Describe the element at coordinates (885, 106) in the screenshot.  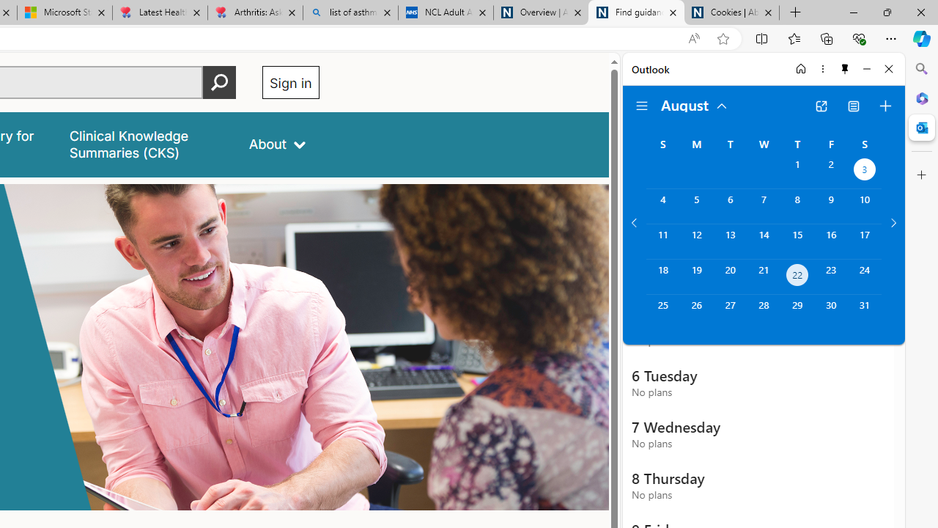
I see `'Create event'` at that location.